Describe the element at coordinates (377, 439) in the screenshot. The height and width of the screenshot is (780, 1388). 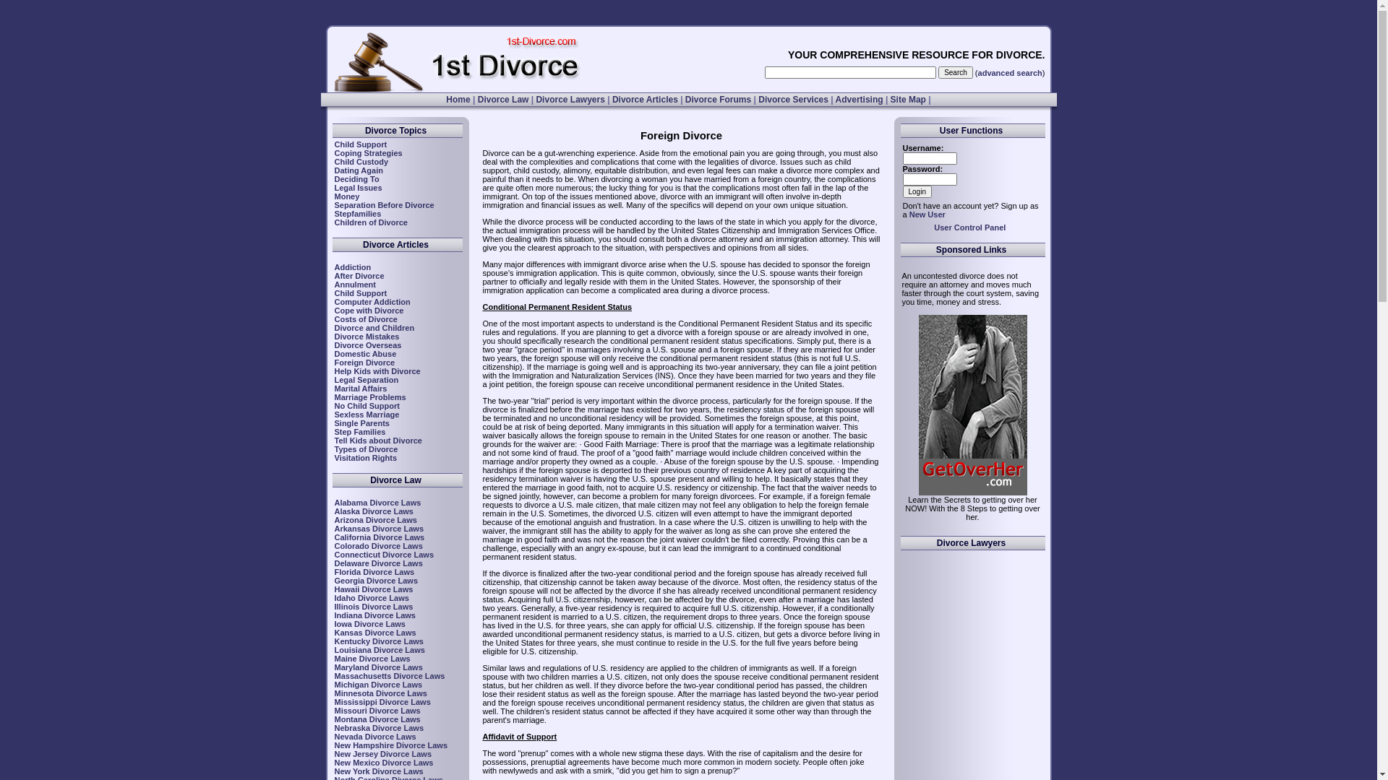
I see `'Tell Kids about Divorce'` at that location.